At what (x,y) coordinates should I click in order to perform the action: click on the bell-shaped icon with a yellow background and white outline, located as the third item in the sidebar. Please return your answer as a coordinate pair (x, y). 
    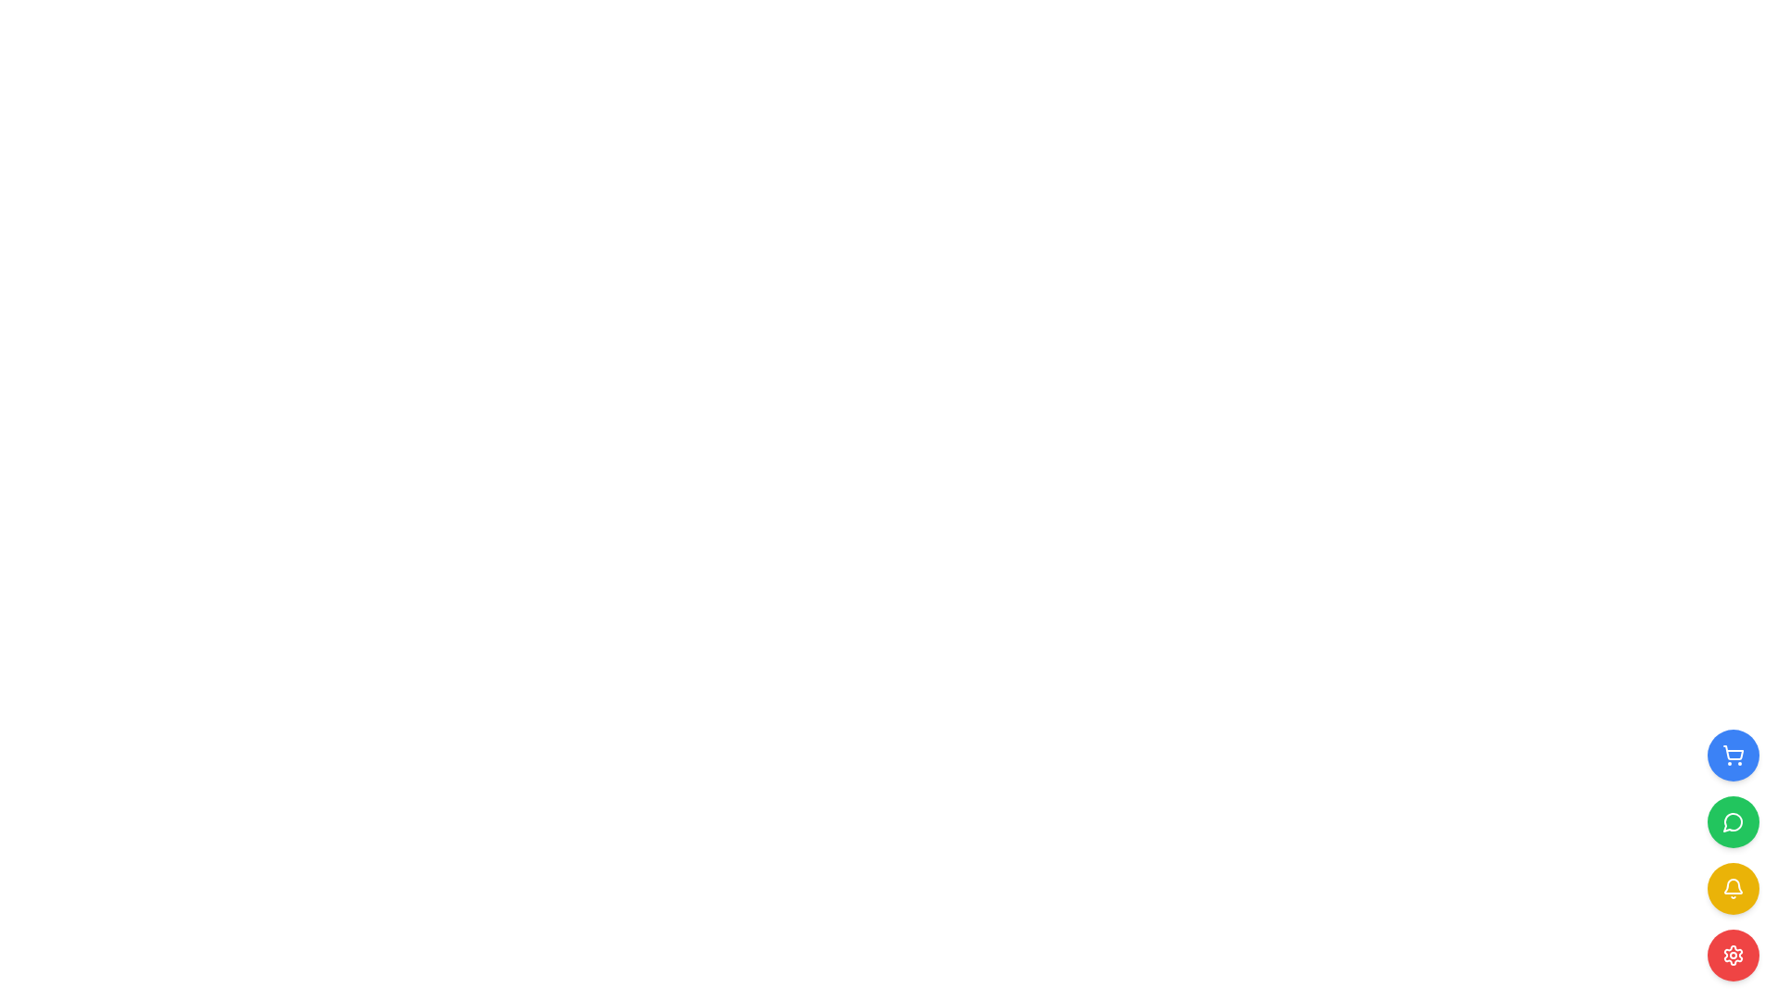
    Looking at the image, I should click on (1733, 888).